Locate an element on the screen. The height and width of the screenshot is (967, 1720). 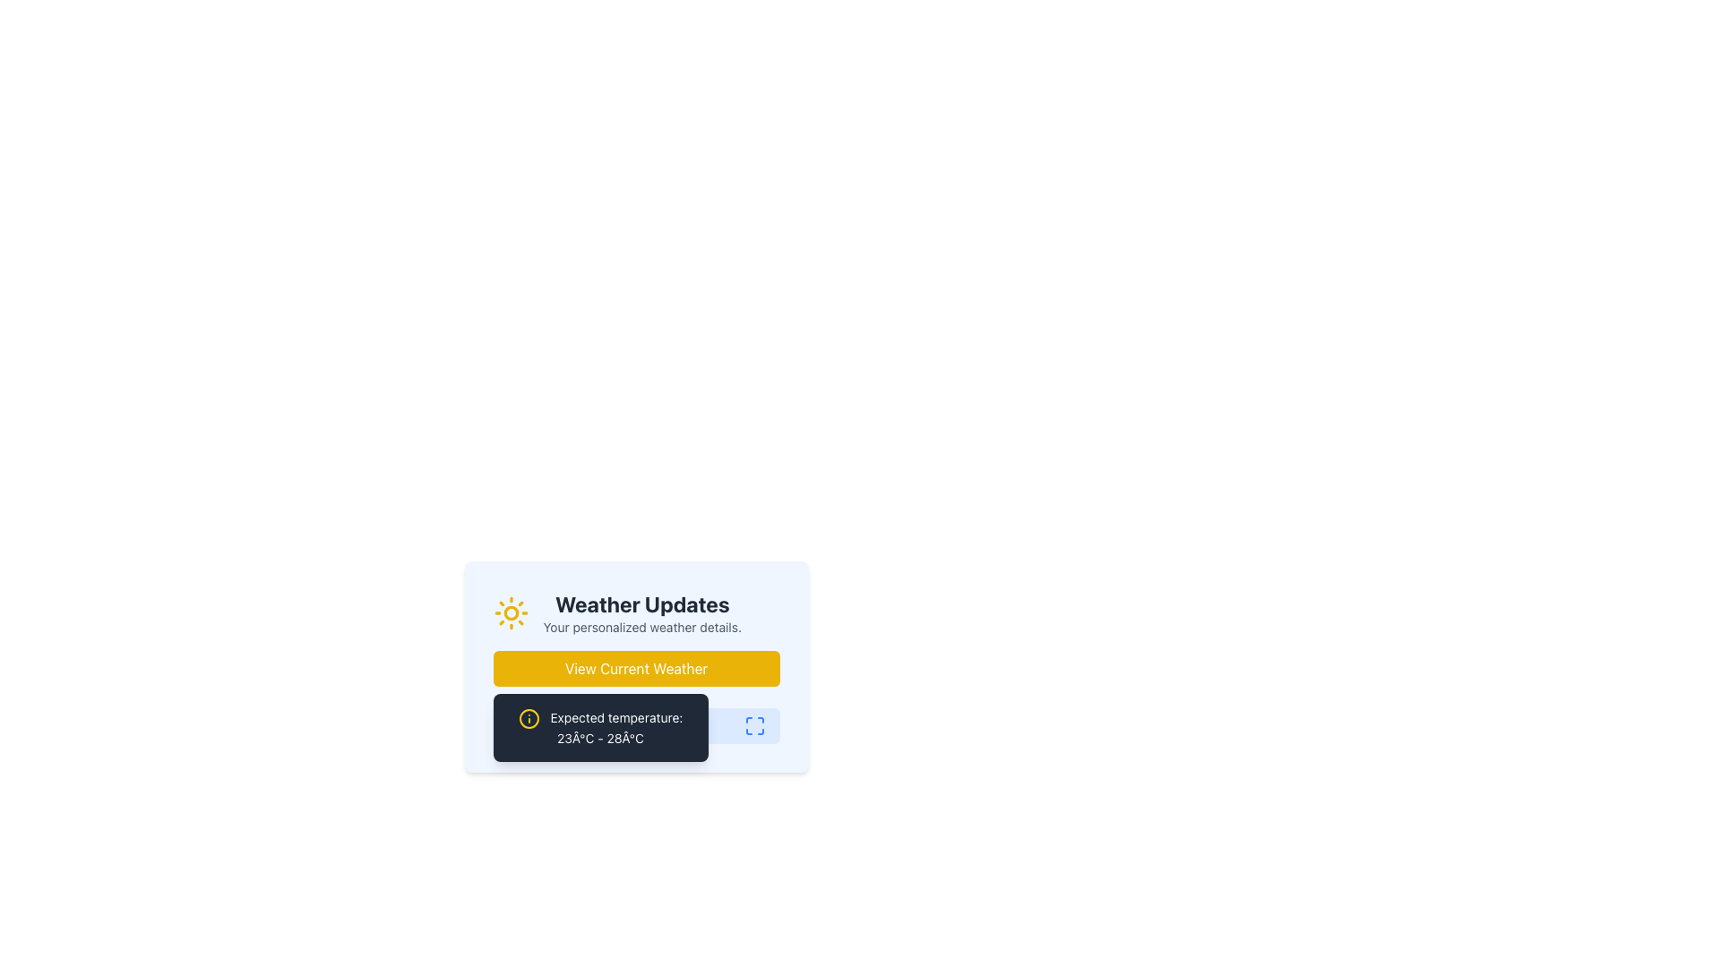
information displayed in the 'Weather Updates' combined text component, which includes the heading and the subtitle description is located at coordinates (642, 612).